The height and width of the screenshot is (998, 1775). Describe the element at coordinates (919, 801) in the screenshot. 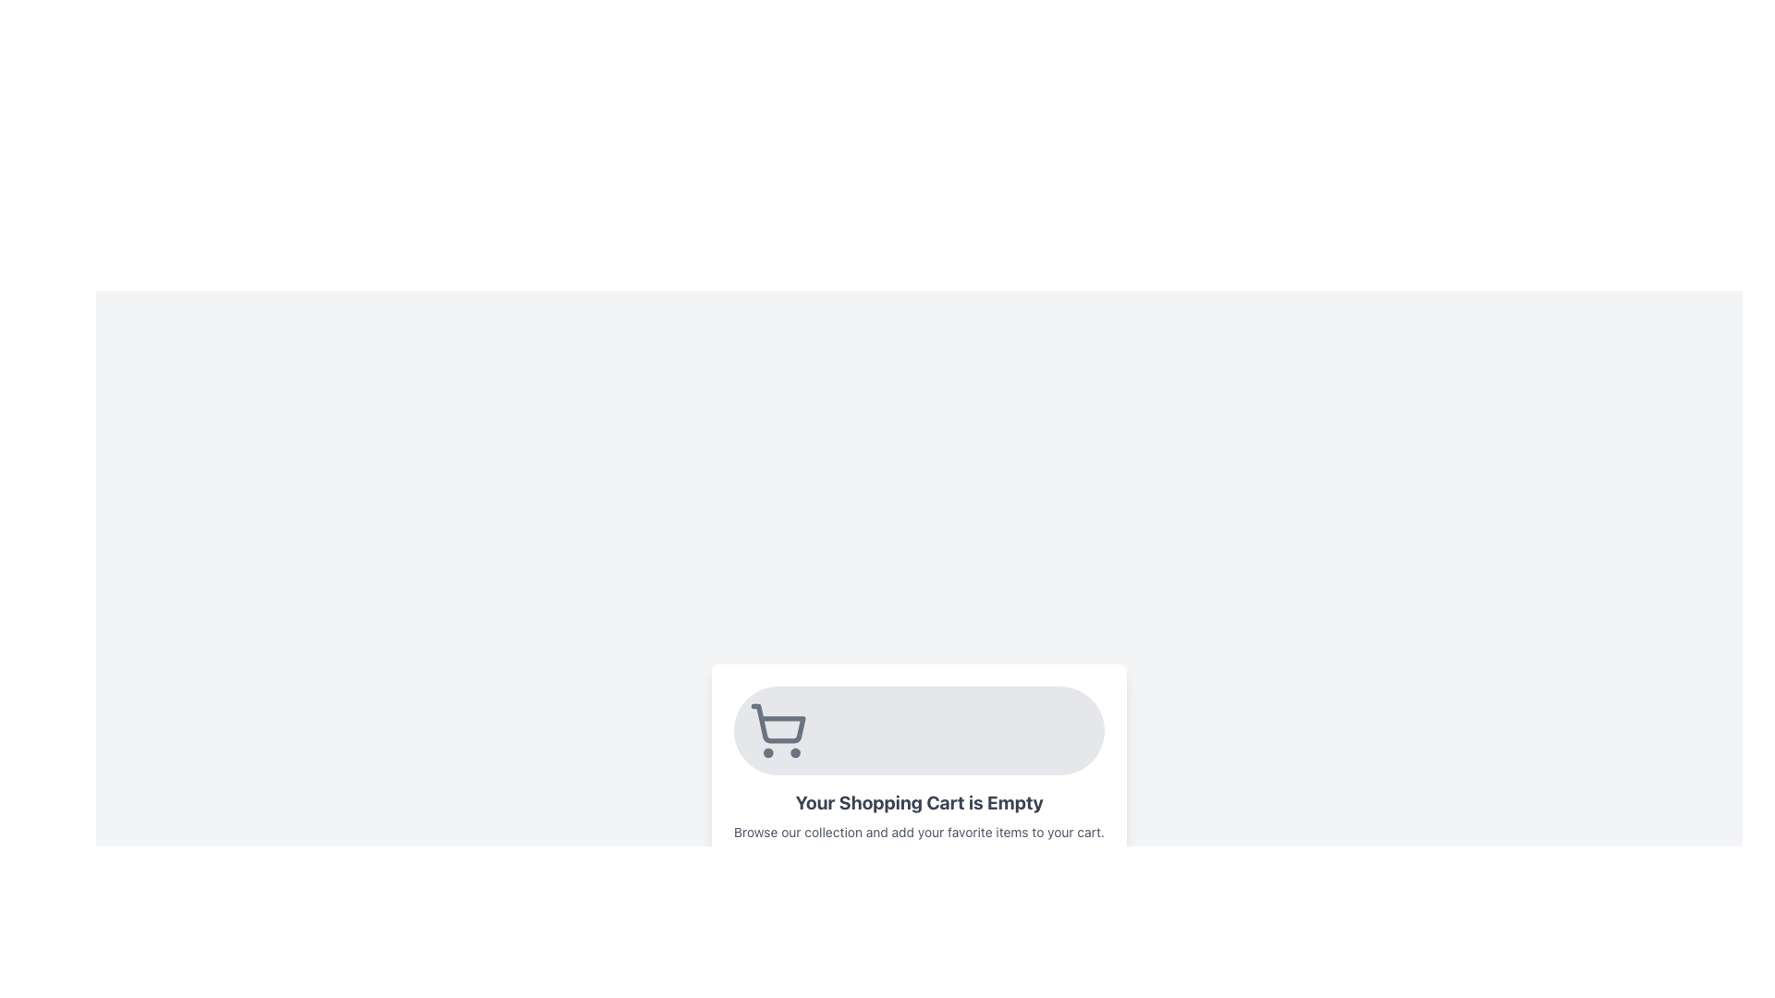

I see `the Text Label indicating that the shopping cart contains no items for accessibility purposes` at that location.